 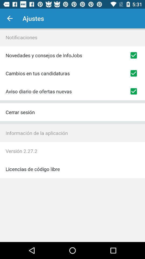 I want to click on icon to the left of ajustes item, so click(x=10, y=18).